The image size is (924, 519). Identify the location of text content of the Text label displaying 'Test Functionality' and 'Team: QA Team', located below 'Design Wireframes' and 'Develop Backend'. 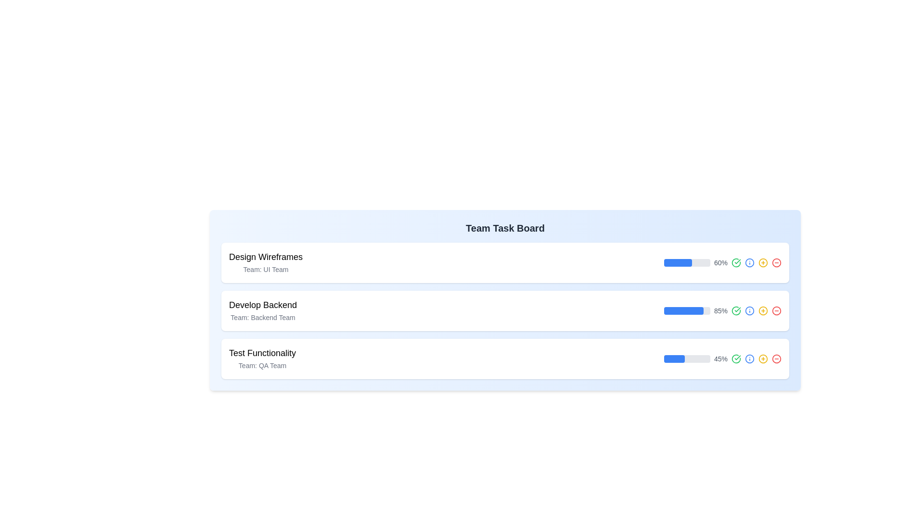
(262, 359).